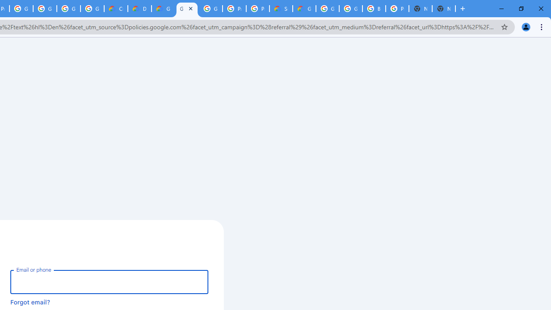 This screenshot has width=551, height=310. Describe the element at coordinates (109, 282) in the screenshot. I see `'Email or phone'` at that location.